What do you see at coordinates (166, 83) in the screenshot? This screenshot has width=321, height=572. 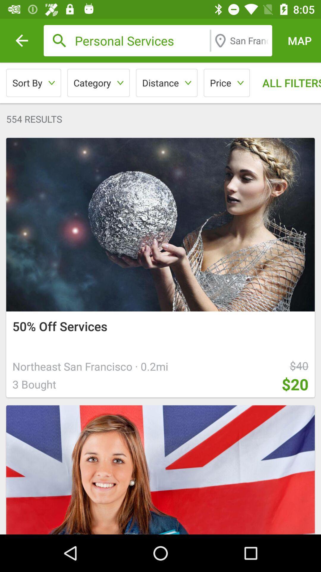 I see `the distance` at bounding box center [166, 83].